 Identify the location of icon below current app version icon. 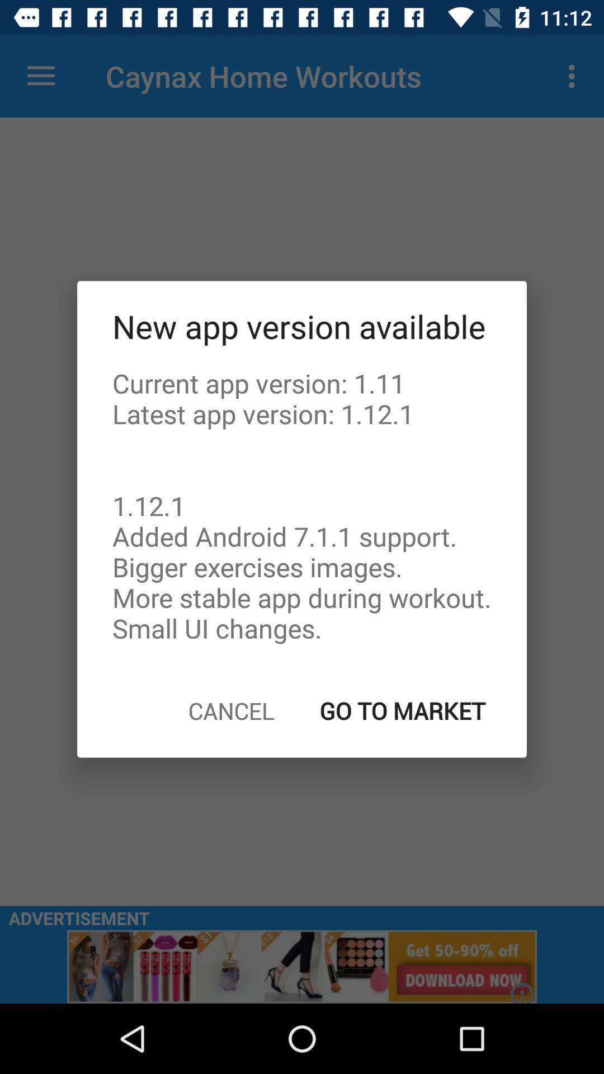
(230, 710).